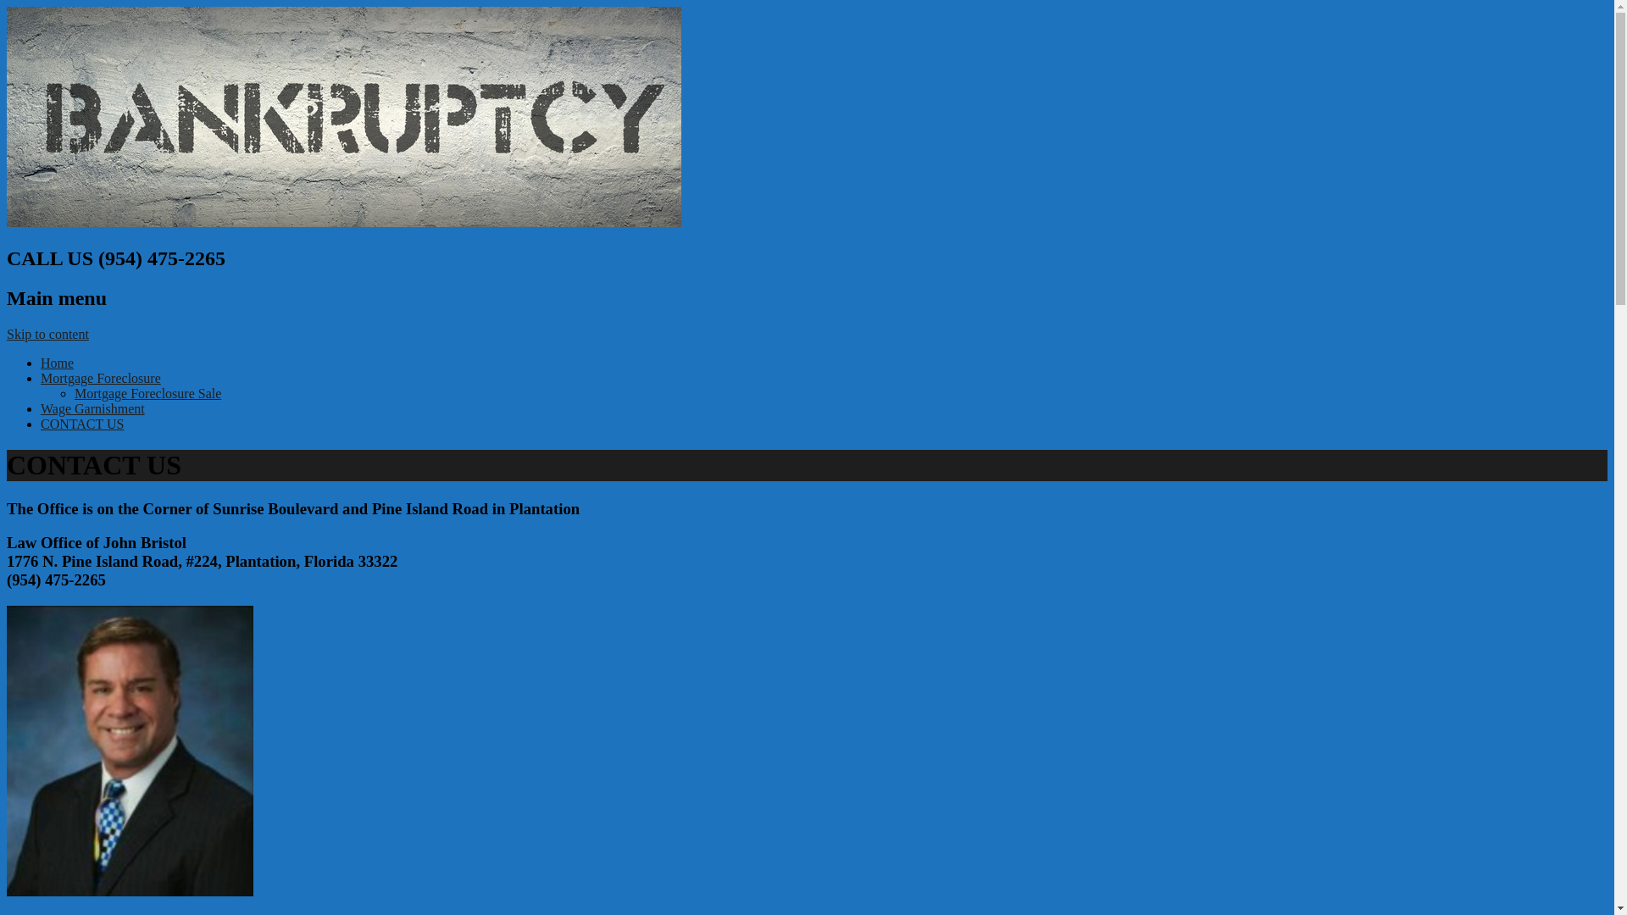 This screenshot has width=1627, height=915. What do you see at coordinates (147, 393) in the screenshot?
I see `'Mortgage Foreclosure Sale'` at bounding box center [147, 393].